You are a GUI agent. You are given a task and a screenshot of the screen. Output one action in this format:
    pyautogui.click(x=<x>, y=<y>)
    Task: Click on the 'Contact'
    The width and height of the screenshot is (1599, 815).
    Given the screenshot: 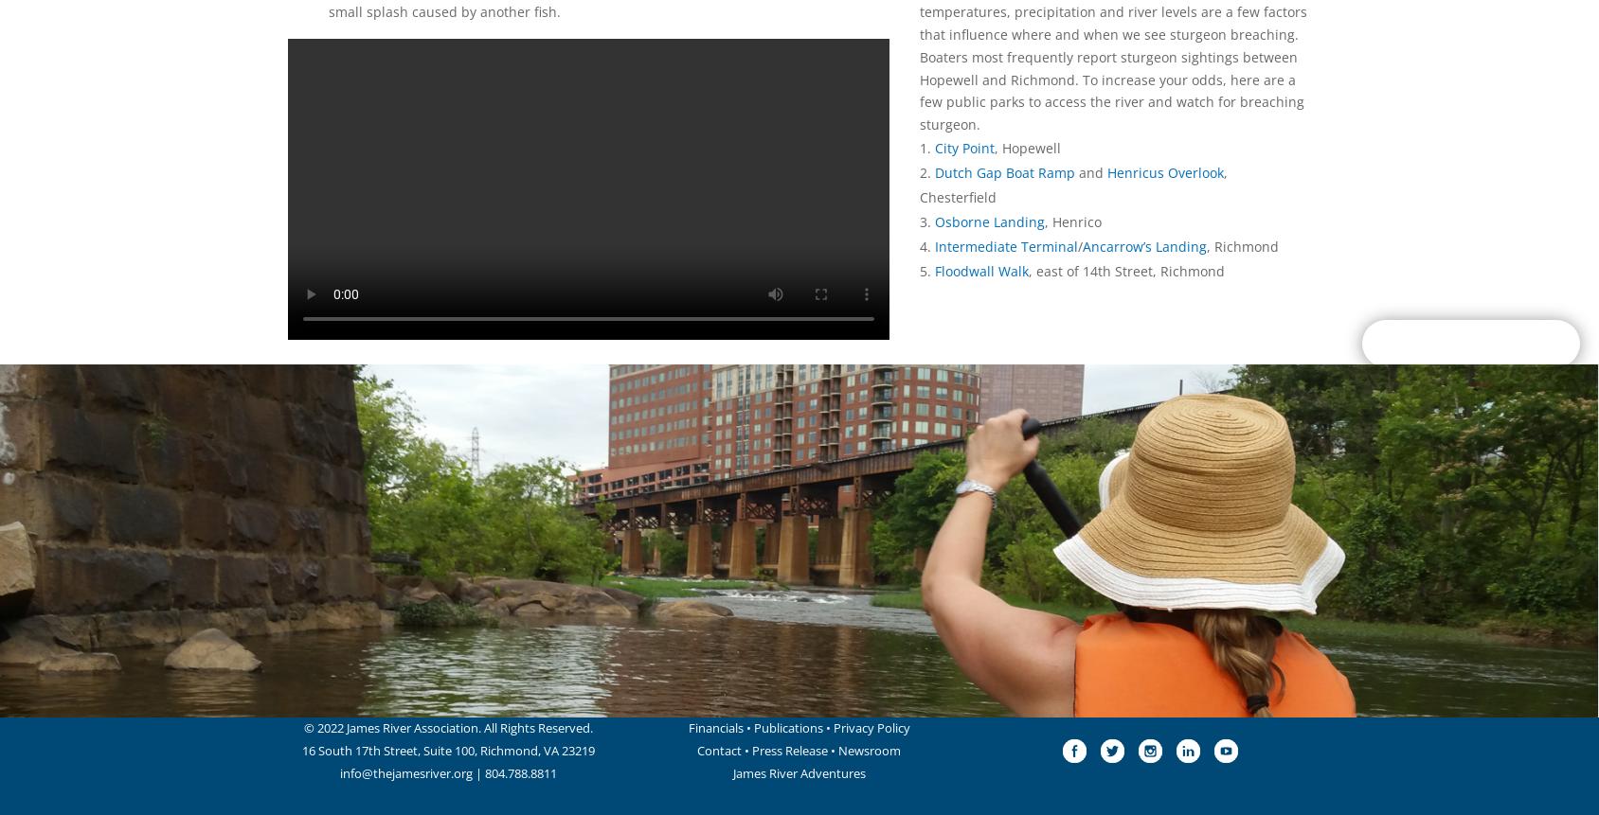 What is the action you would take?
    pyautogui.click(x=719, y=751)
    